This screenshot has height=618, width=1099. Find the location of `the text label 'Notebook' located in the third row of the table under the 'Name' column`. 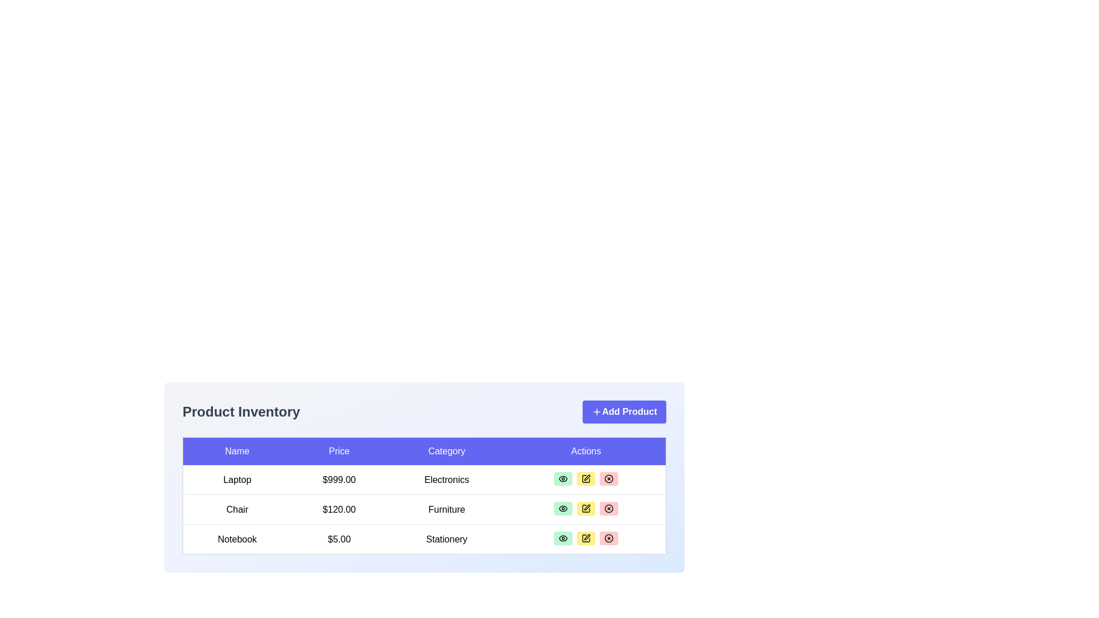

the text label 'Notebook' located in the third row of the table under the 'Name' column is located at coordinates (236, 539).